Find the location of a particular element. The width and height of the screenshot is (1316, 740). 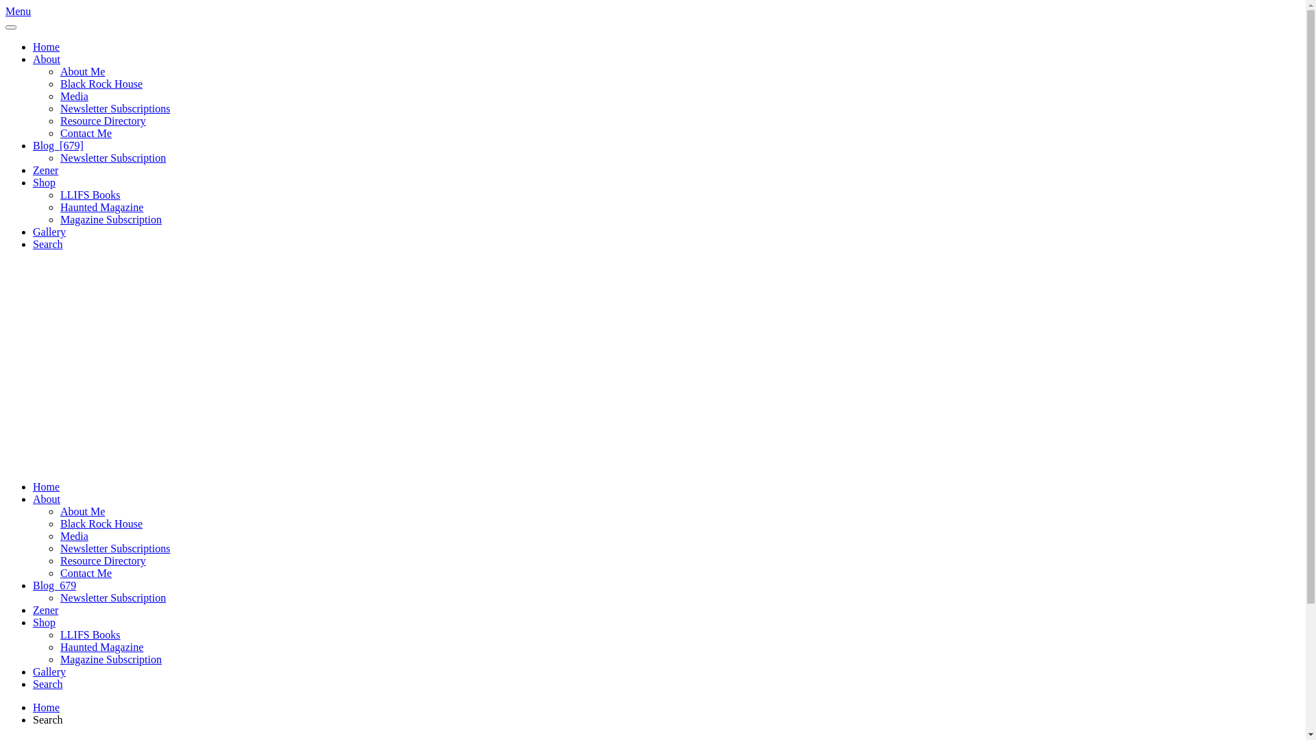

'Home' is located at coordinates (46, 486).